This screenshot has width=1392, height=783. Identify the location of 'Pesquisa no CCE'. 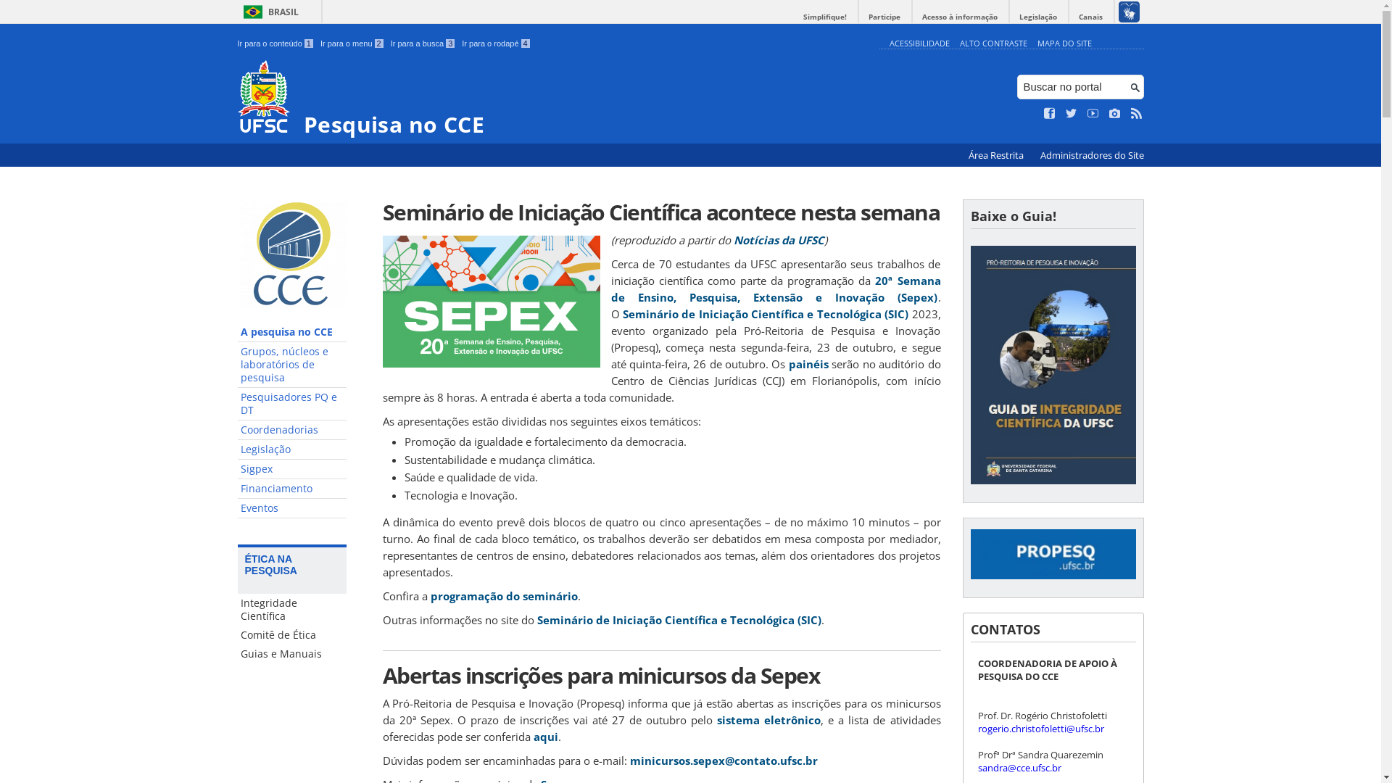
(237, 98).